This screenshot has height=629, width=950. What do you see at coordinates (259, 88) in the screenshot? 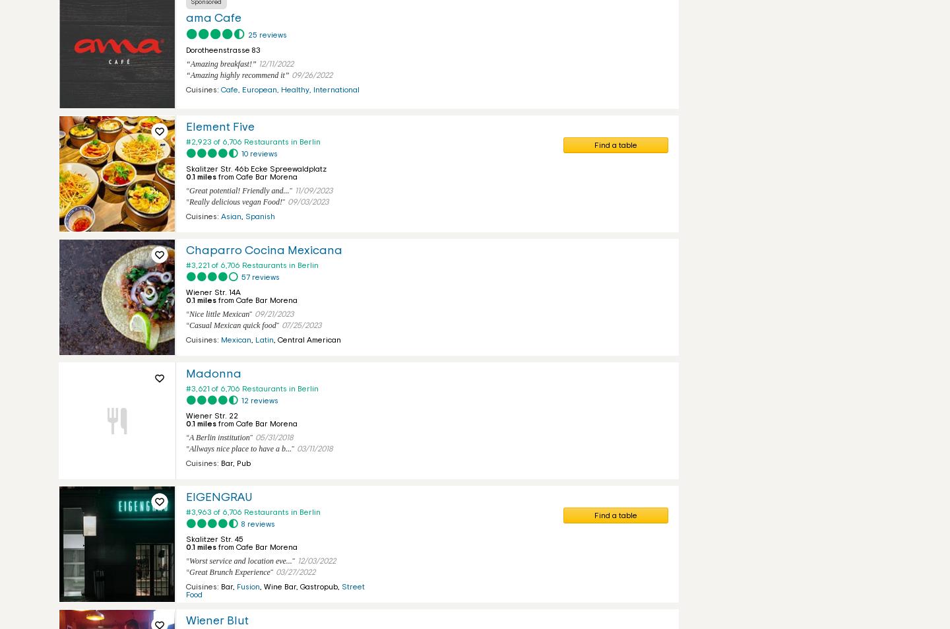
I see `'European'` at bounding box center [259, 88].